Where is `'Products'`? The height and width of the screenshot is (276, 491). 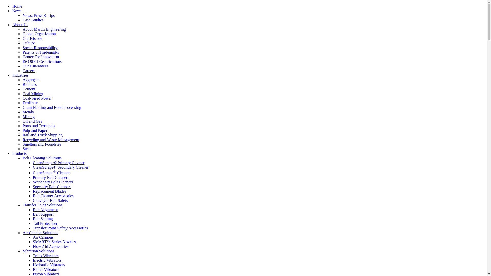 'Products' is located at coordinates (19, 153).